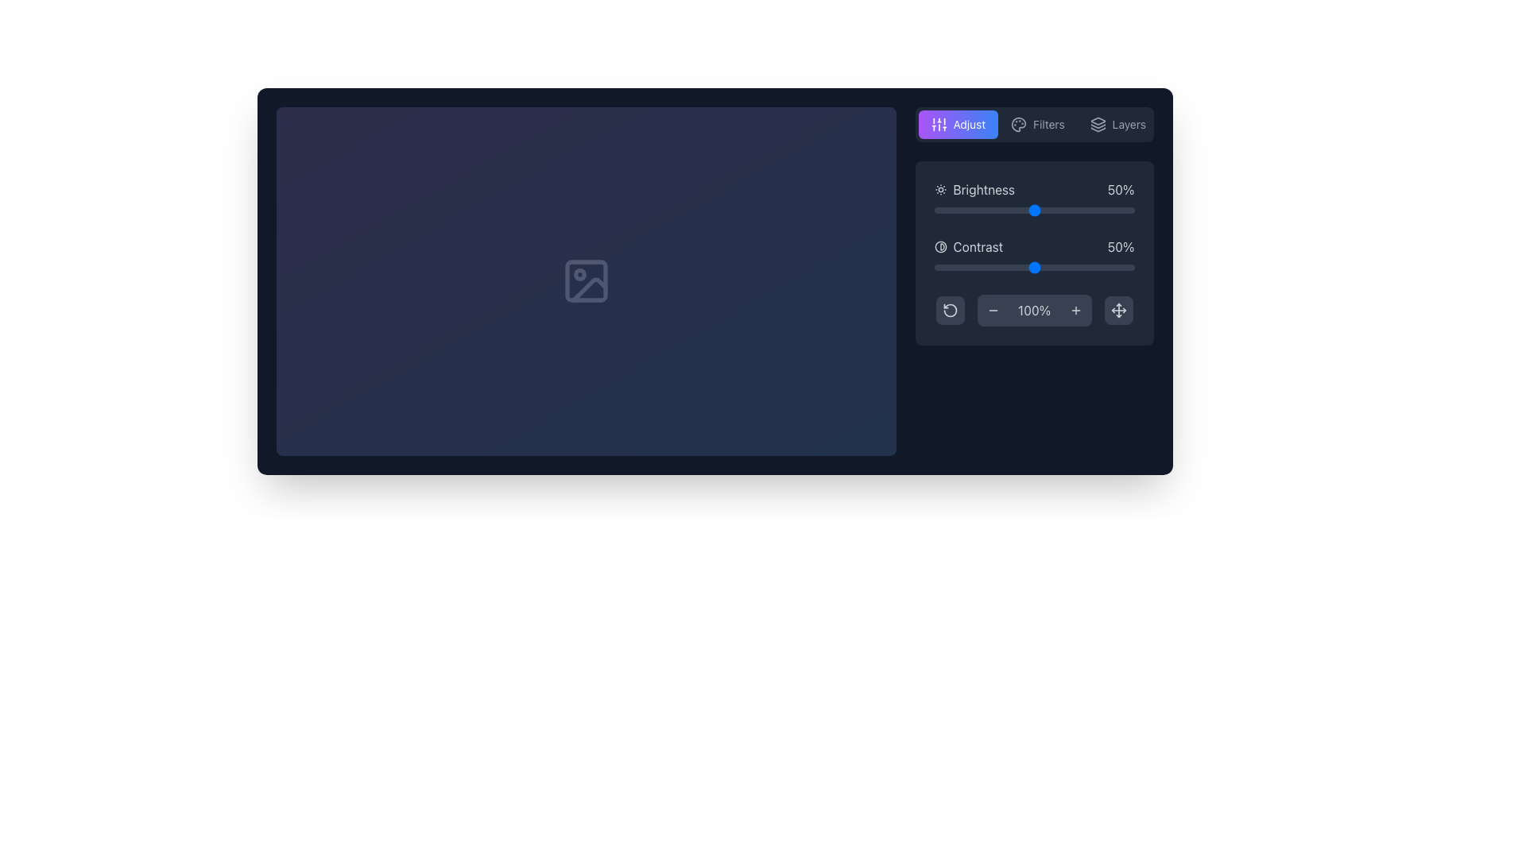 Image resolution: width=1526 pixels, height=858 pixels. Describe the element at coordinates (957, 124) in the screenshot. I see `the 'Adjust' button, which is a rectangular button with rounded corners, featuring a gradient background from purple to blue and white text, located in the upper-right section of the interface` at that location.